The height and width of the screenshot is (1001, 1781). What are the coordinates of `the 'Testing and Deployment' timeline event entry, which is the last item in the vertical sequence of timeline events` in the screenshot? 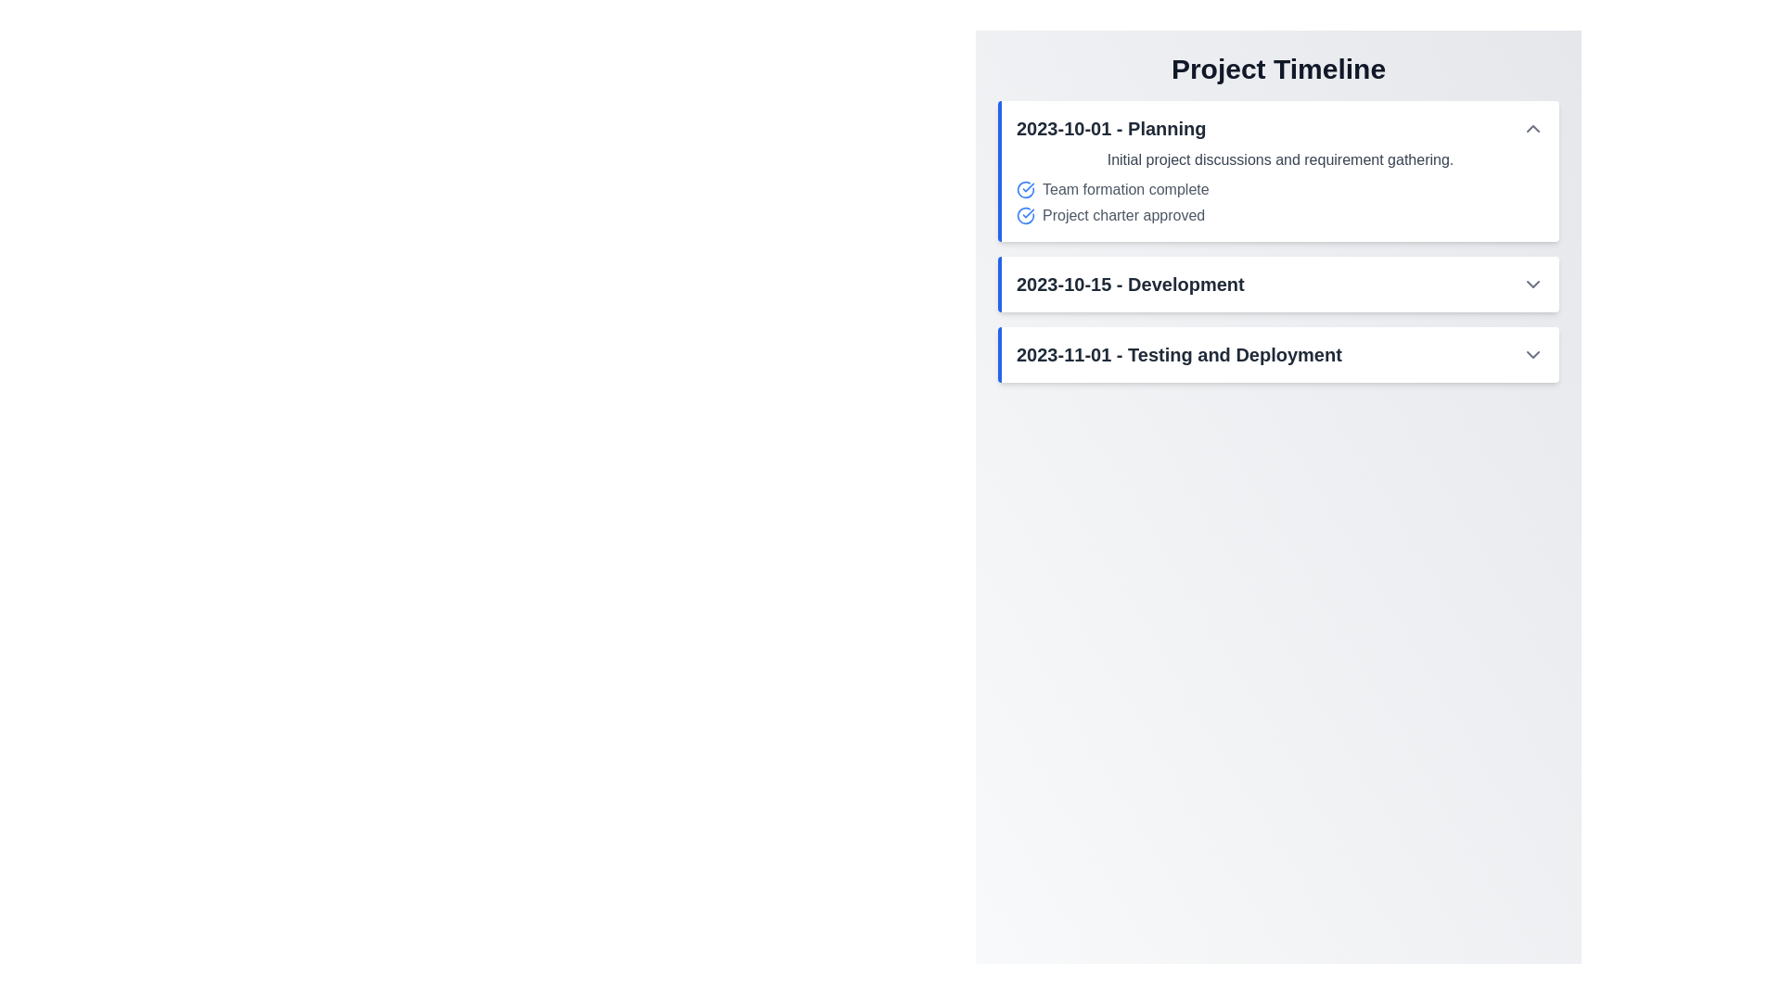 It's located at (1277, 354).